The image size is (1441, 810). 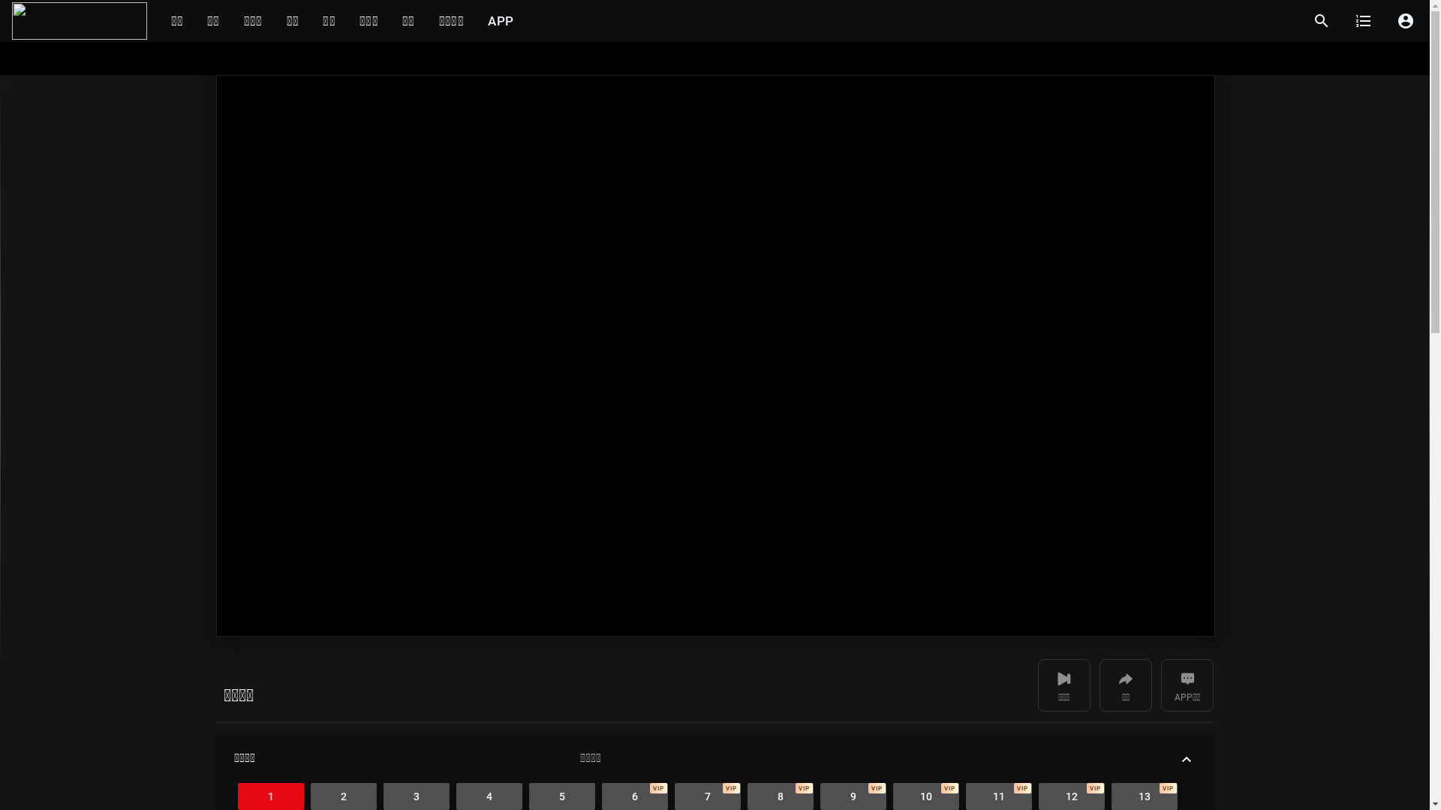 What do you see at coordinates (1322, 20) in the screenshot?
I see `'search'` at bounding box center [1322, 20].